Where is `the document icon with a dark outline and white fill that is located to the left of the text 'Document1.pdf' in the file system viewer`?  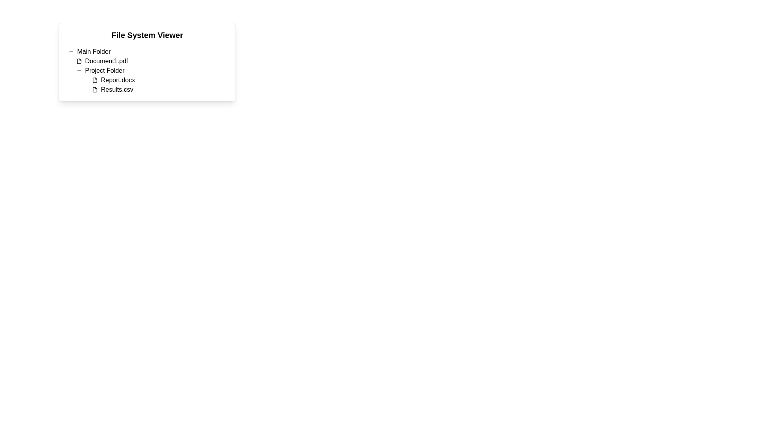
the document icon with a dark outline and white fill that is located to the left of the text 'Document1.pdf' in the file system viewer is located at coordinates (79, 60).